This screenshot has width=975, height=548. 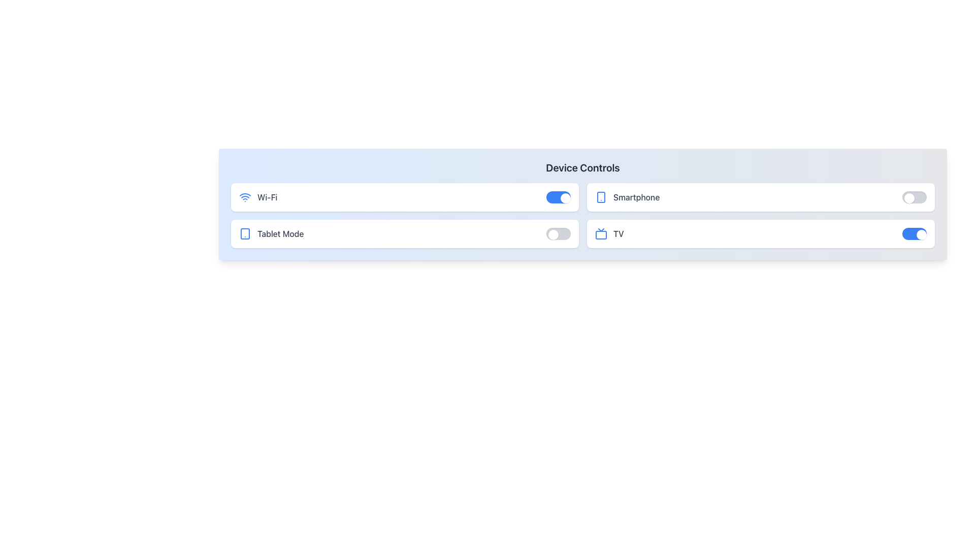 I want to click on the rectangular smartphone graphical icon, which is located next to the 'Smartphone' label, so click(x=601, y=197).